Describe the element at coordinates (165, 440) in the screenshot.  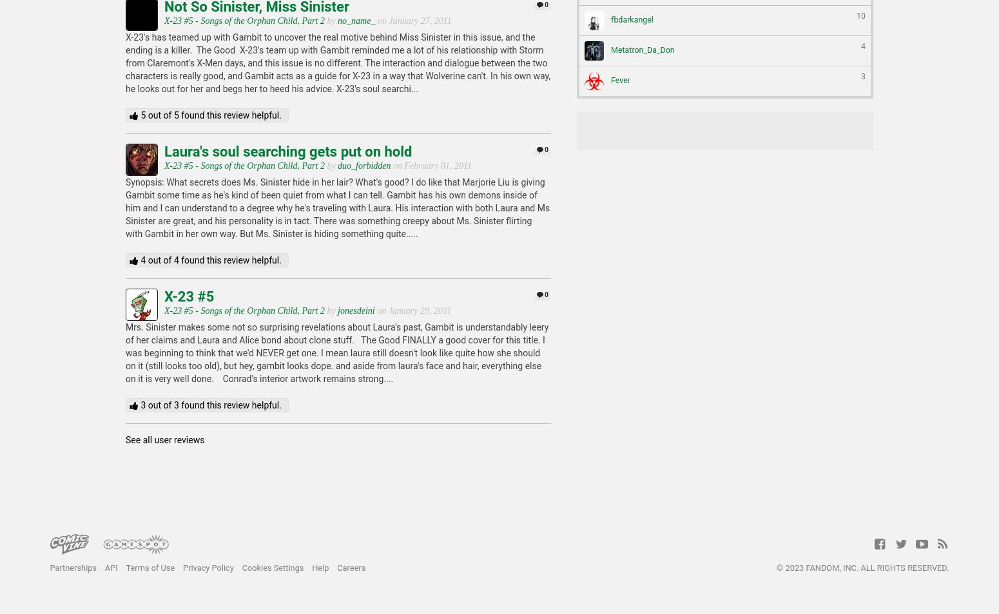
I see `'See all user reviews'` at that location.